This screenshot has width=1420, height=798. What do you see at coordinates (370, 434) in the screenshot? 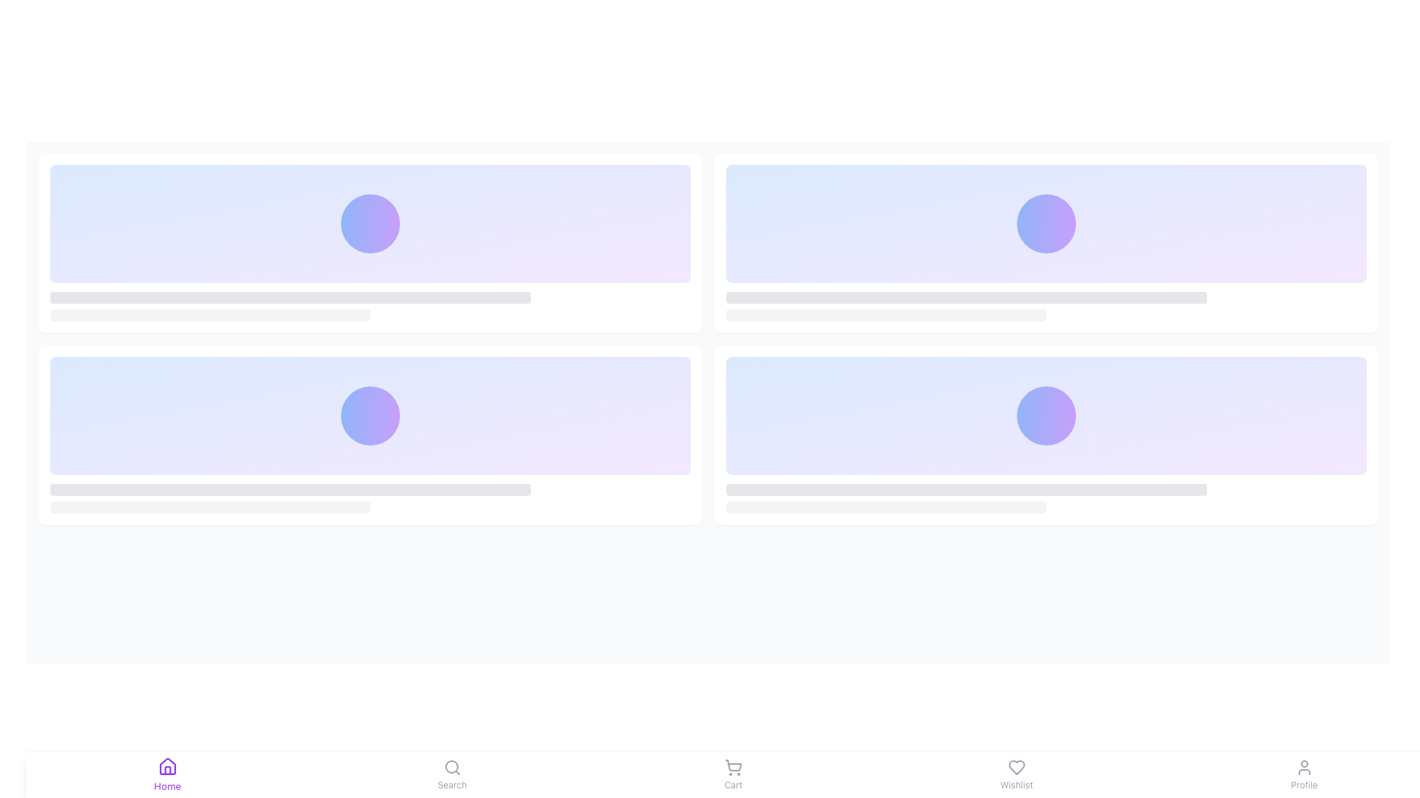
I see `the content card located in the bottom-left corner of the grid layout` at bounding box center [370, 434].